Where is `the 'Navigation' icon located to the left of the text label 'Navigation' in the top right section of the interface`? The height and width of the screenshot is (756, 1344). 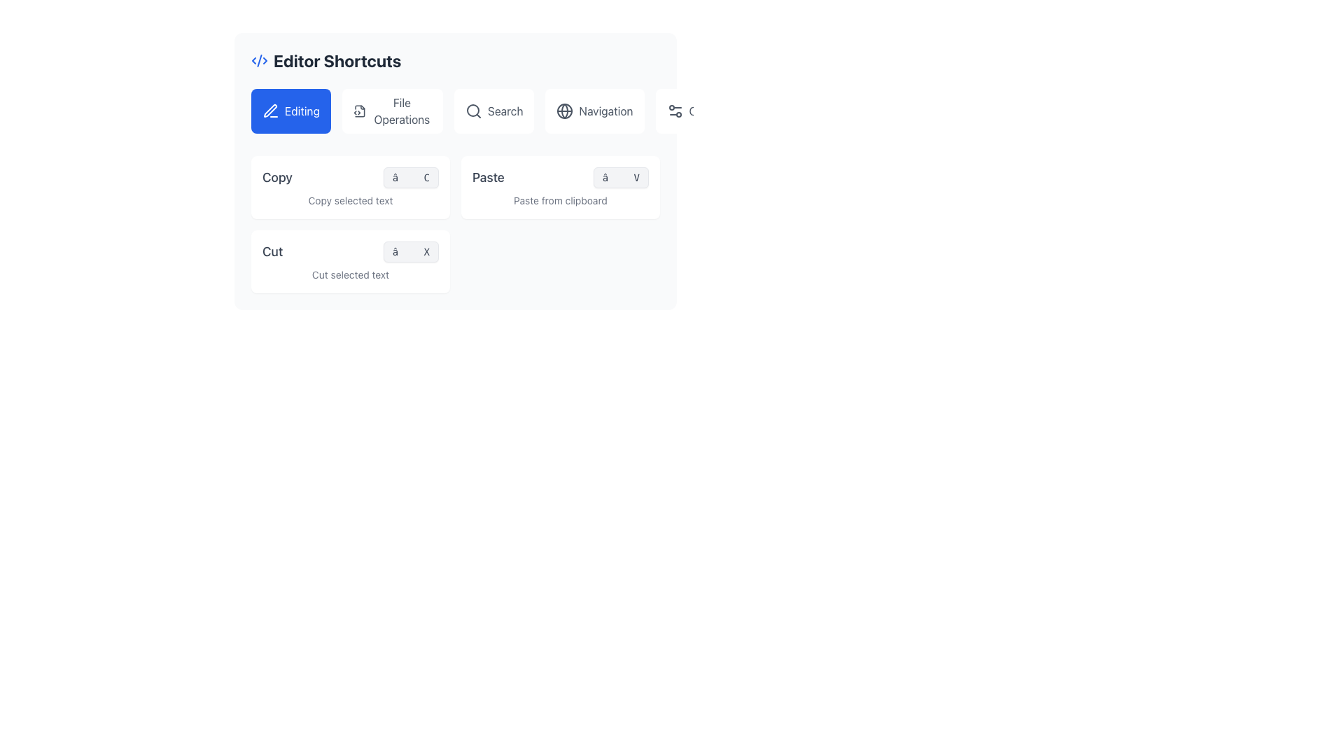
the 'Navigation' icon located to the left of the text label 'Navigation' in the top right section of the interface is located at coordinates (565, 110).